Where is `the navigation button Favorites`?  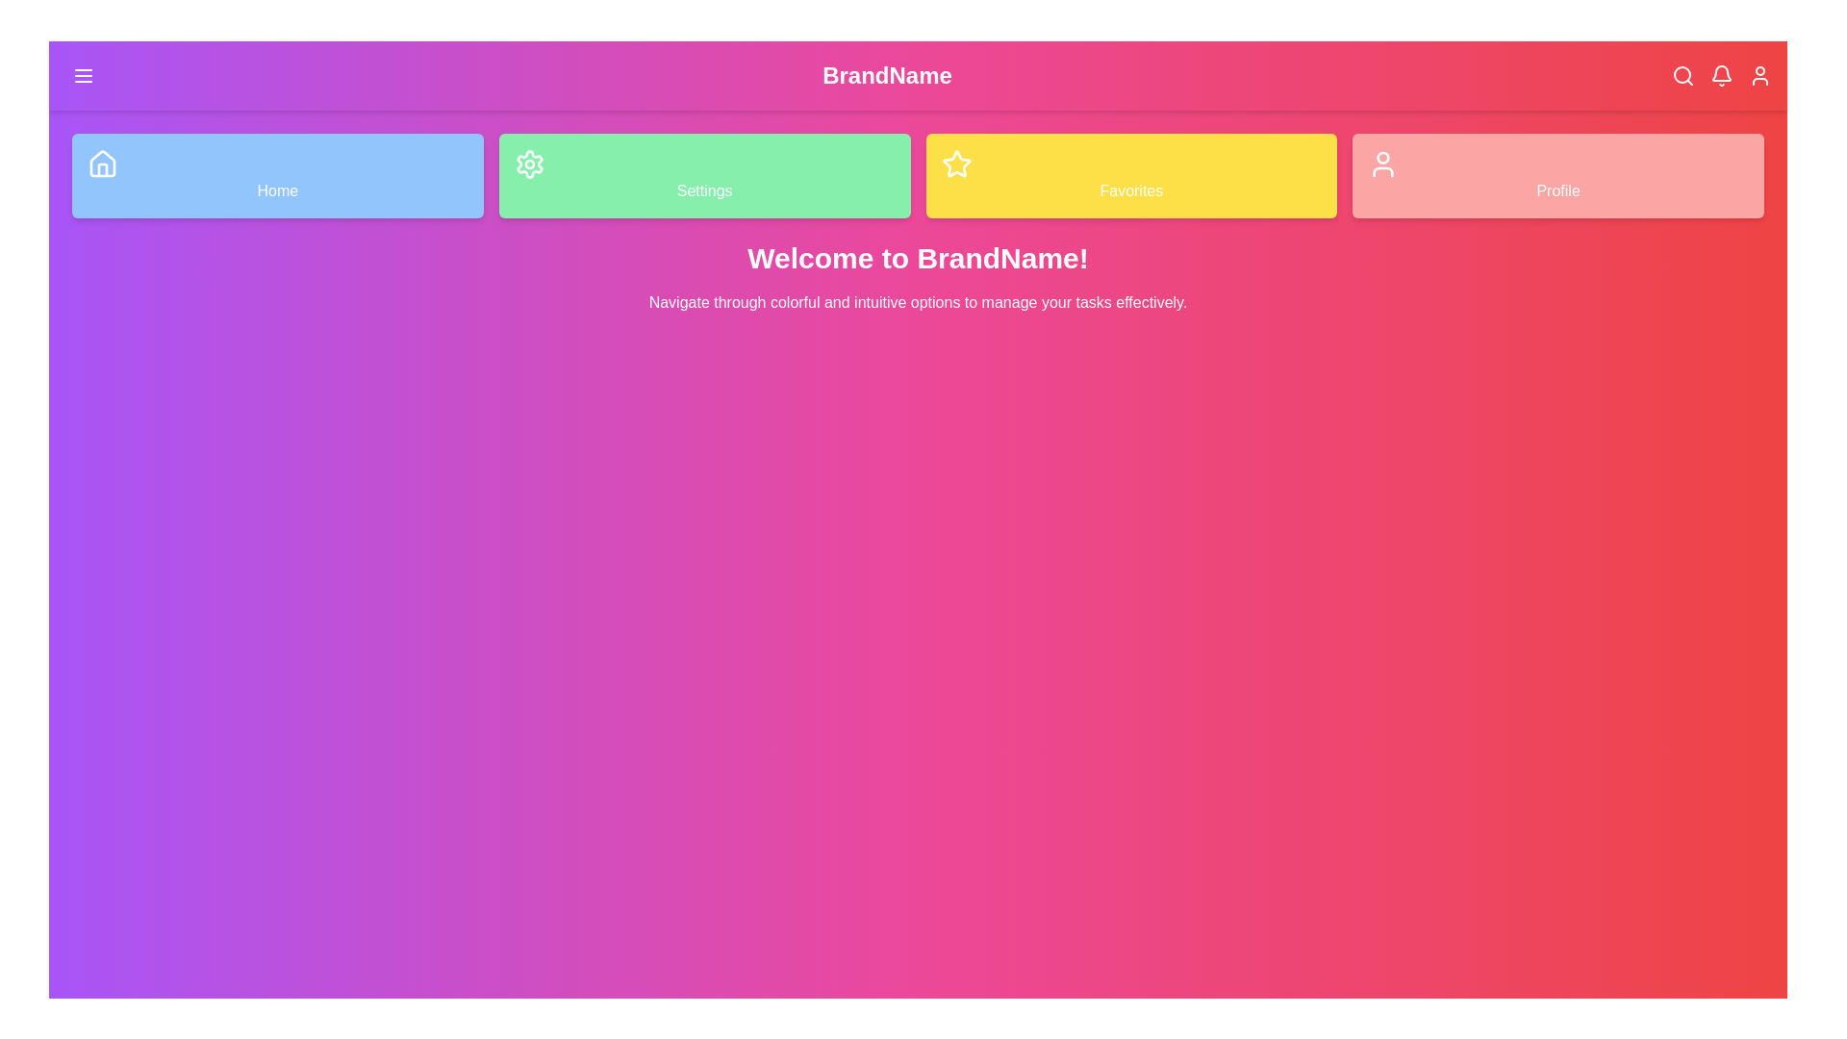
the navigation button Favorites is located at coordinates (1131, 175).